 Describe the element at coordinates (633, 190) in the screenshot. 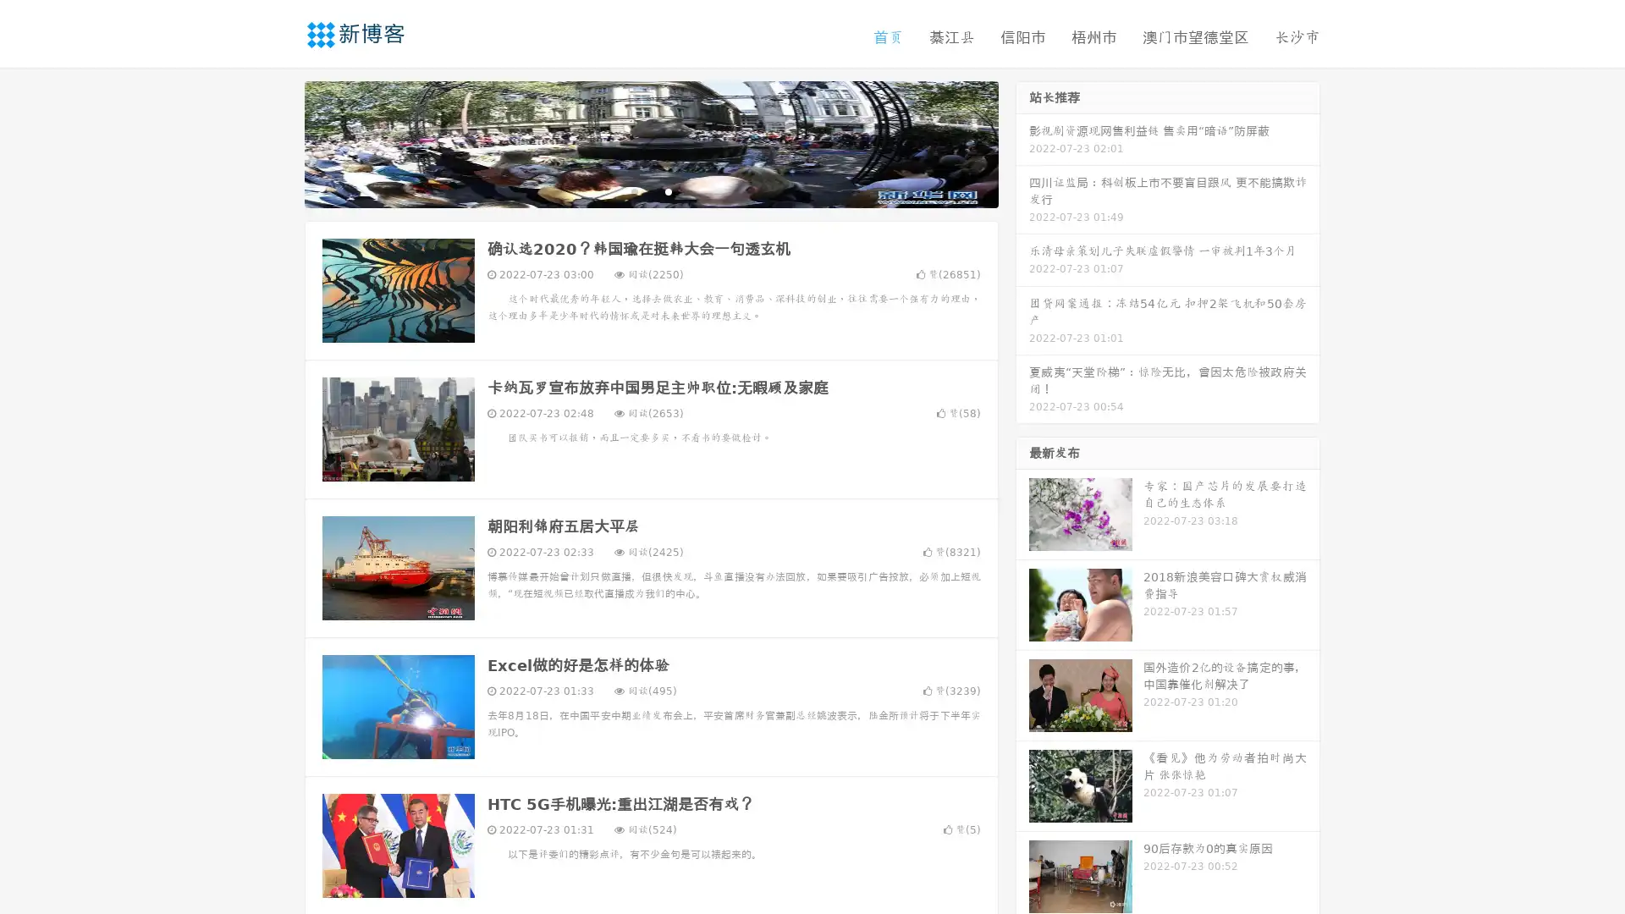

I see `Go to slide 1` at that location.